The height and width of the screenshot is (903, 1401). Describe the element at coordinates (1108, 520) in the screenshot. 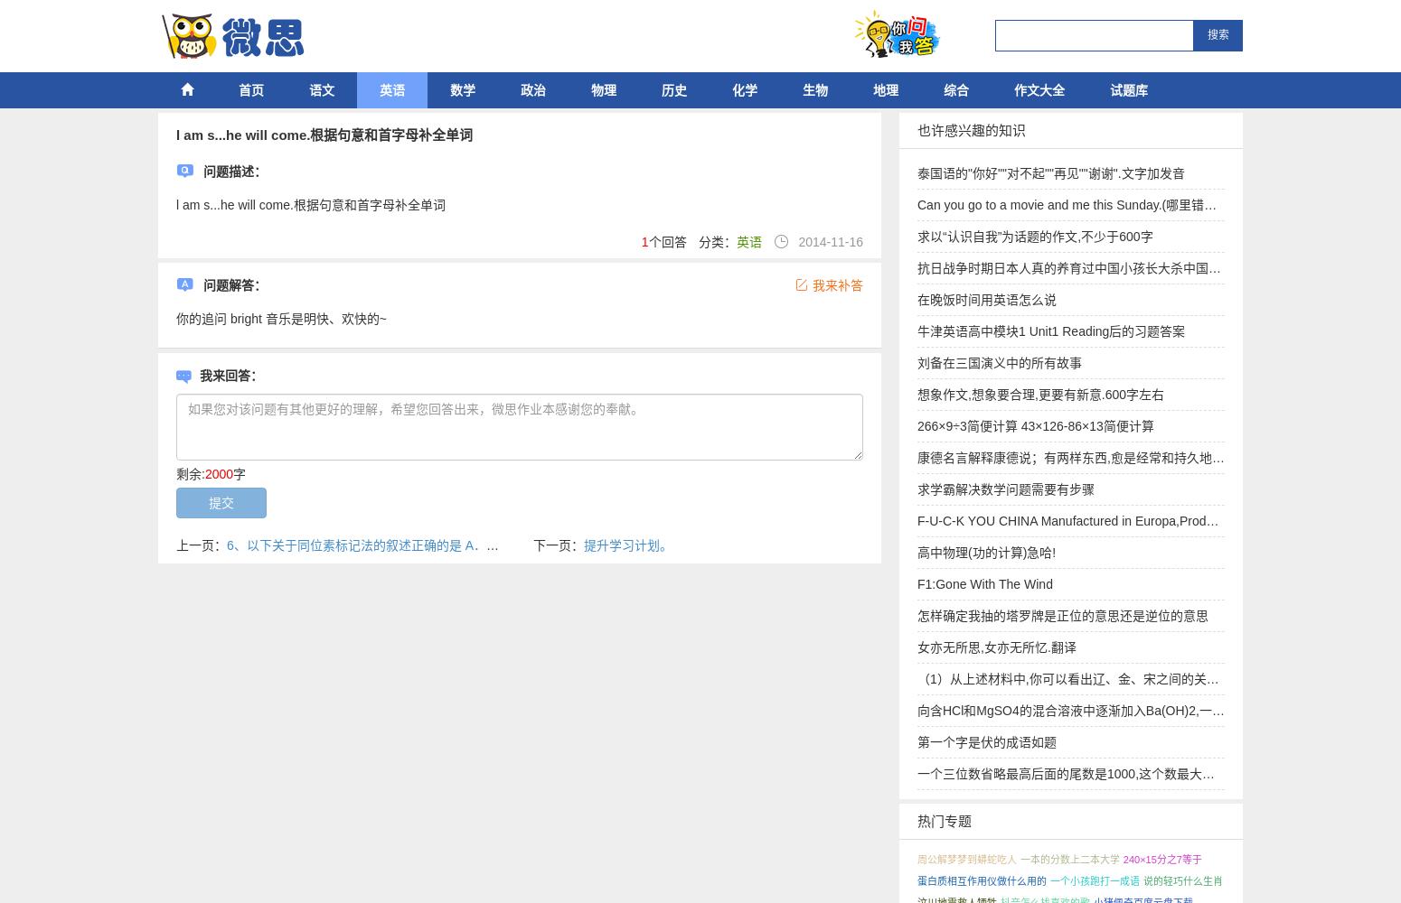

I see `'F-U-C-K YOU CHINA Manufactured in Europa,Produced and design'` at that location.